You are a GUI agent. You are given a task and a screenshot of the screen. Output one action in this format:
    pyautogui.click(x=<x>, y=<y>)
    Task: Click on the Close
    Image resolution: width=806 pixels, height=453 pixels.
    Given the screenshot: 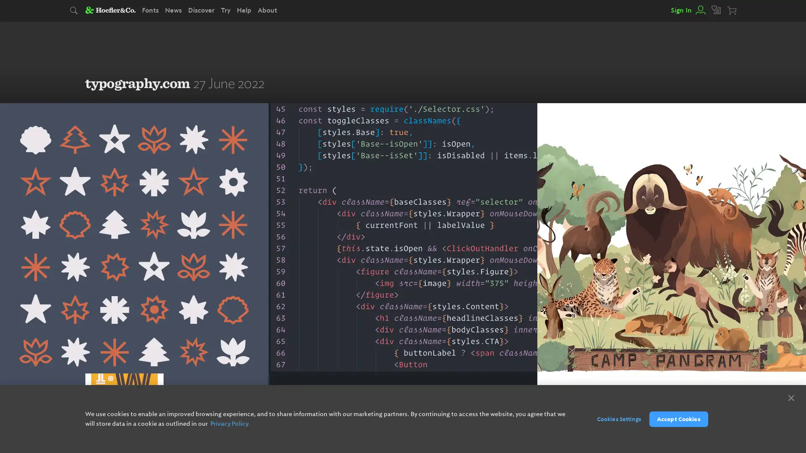 What is the action you would take?
    pyautogui.click(x=790, y=397)
    